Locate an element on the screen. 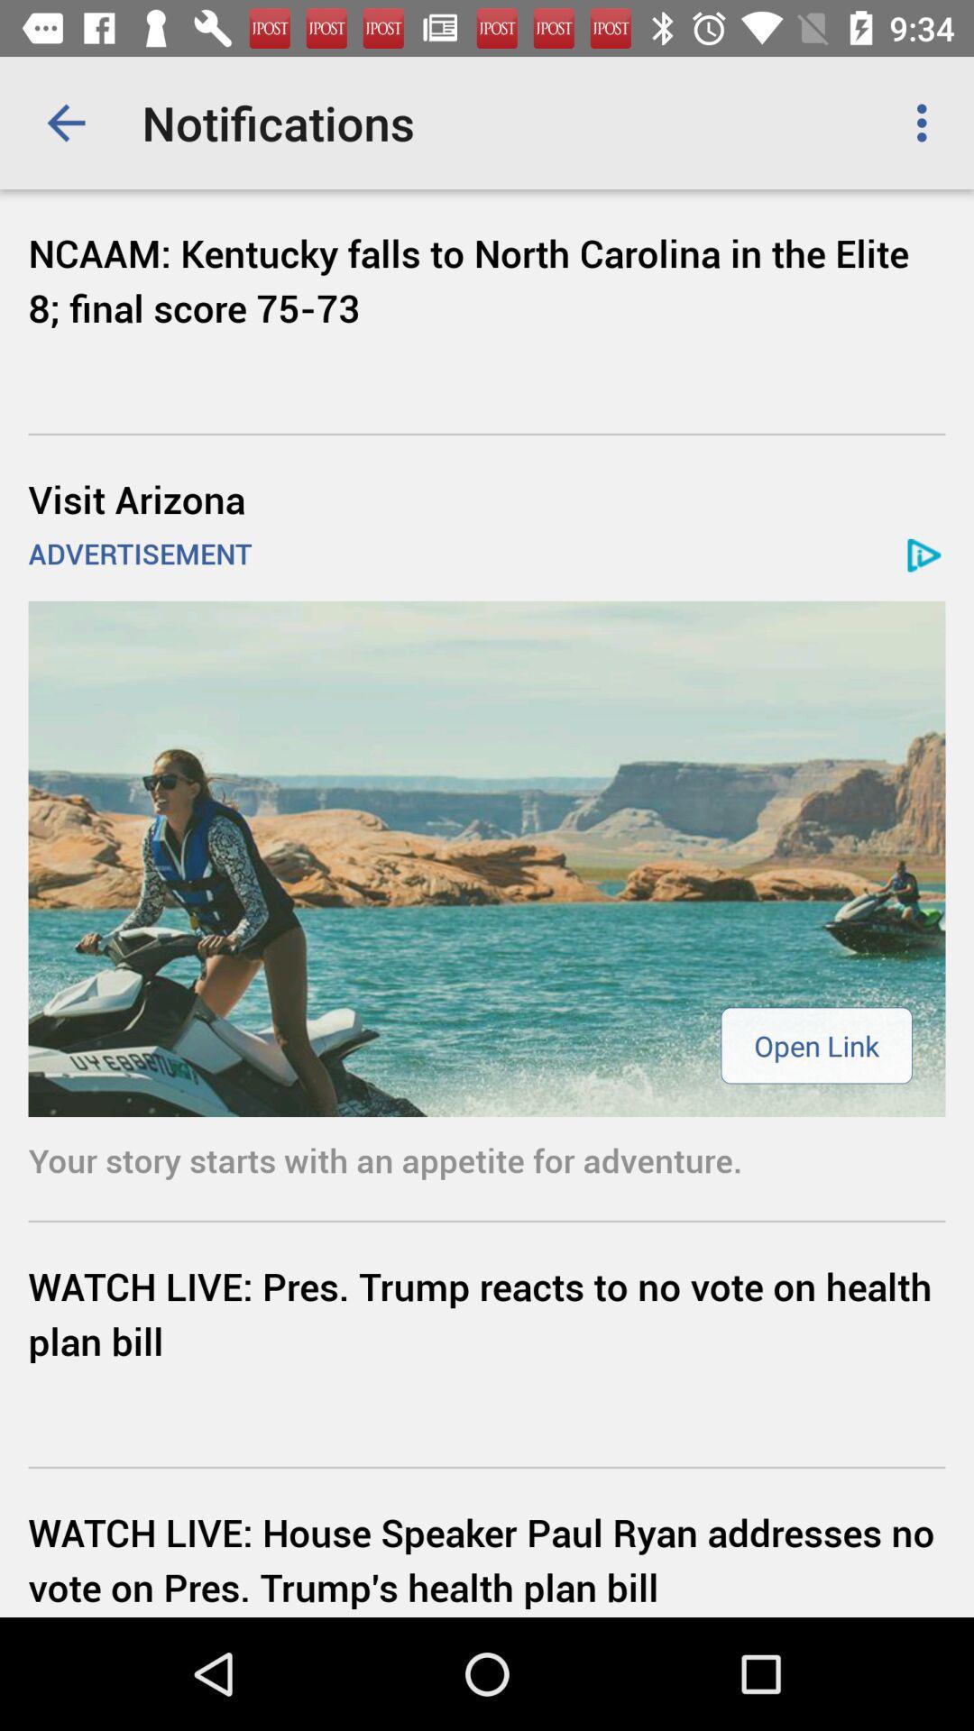 The width and height of the screenshot is (974, 1731). item next to notifications is located at coordinates (65, 122).